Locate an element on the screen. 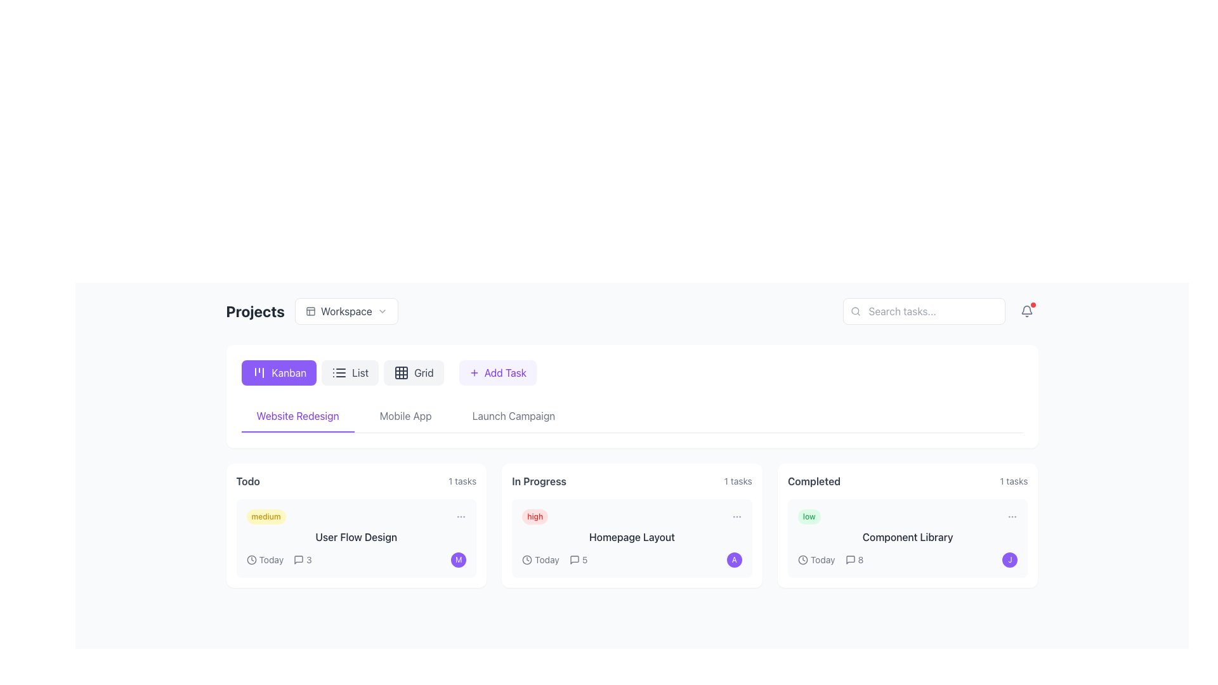 This screenshot has width=1218, height=685. text content of the bold, capitalized 'In Progress' label located at the top-left of the second card in the 'Website Redesign' section is located at coordinates (539, 481).